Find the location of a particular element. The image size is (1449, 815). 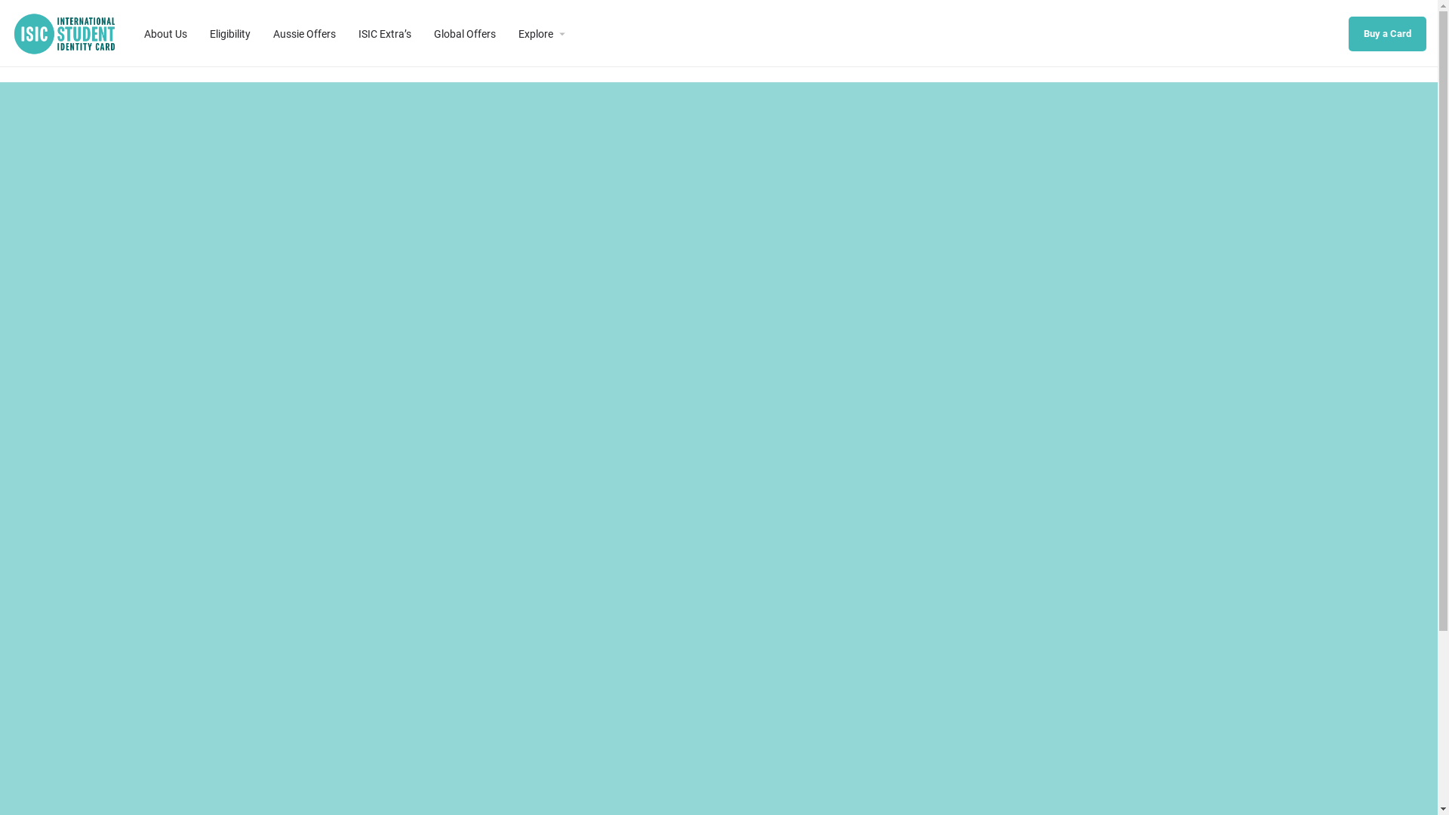

'Global Offers' is located at coordinates (463, 32).